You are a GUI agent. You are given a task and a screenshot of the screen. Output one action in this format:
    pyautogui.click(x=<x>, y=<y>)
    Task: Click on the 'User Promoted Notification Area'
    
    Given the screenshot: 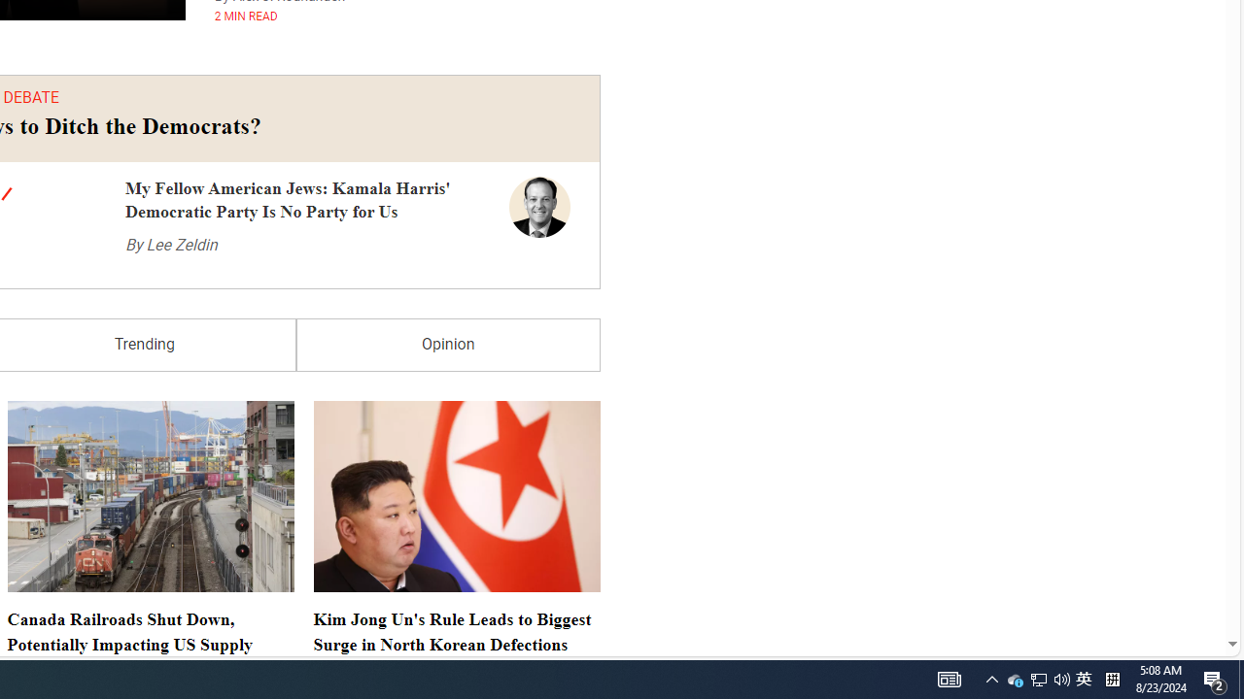 What is the action you would take?
    pyautogui.click(x=1037, y=678)
    